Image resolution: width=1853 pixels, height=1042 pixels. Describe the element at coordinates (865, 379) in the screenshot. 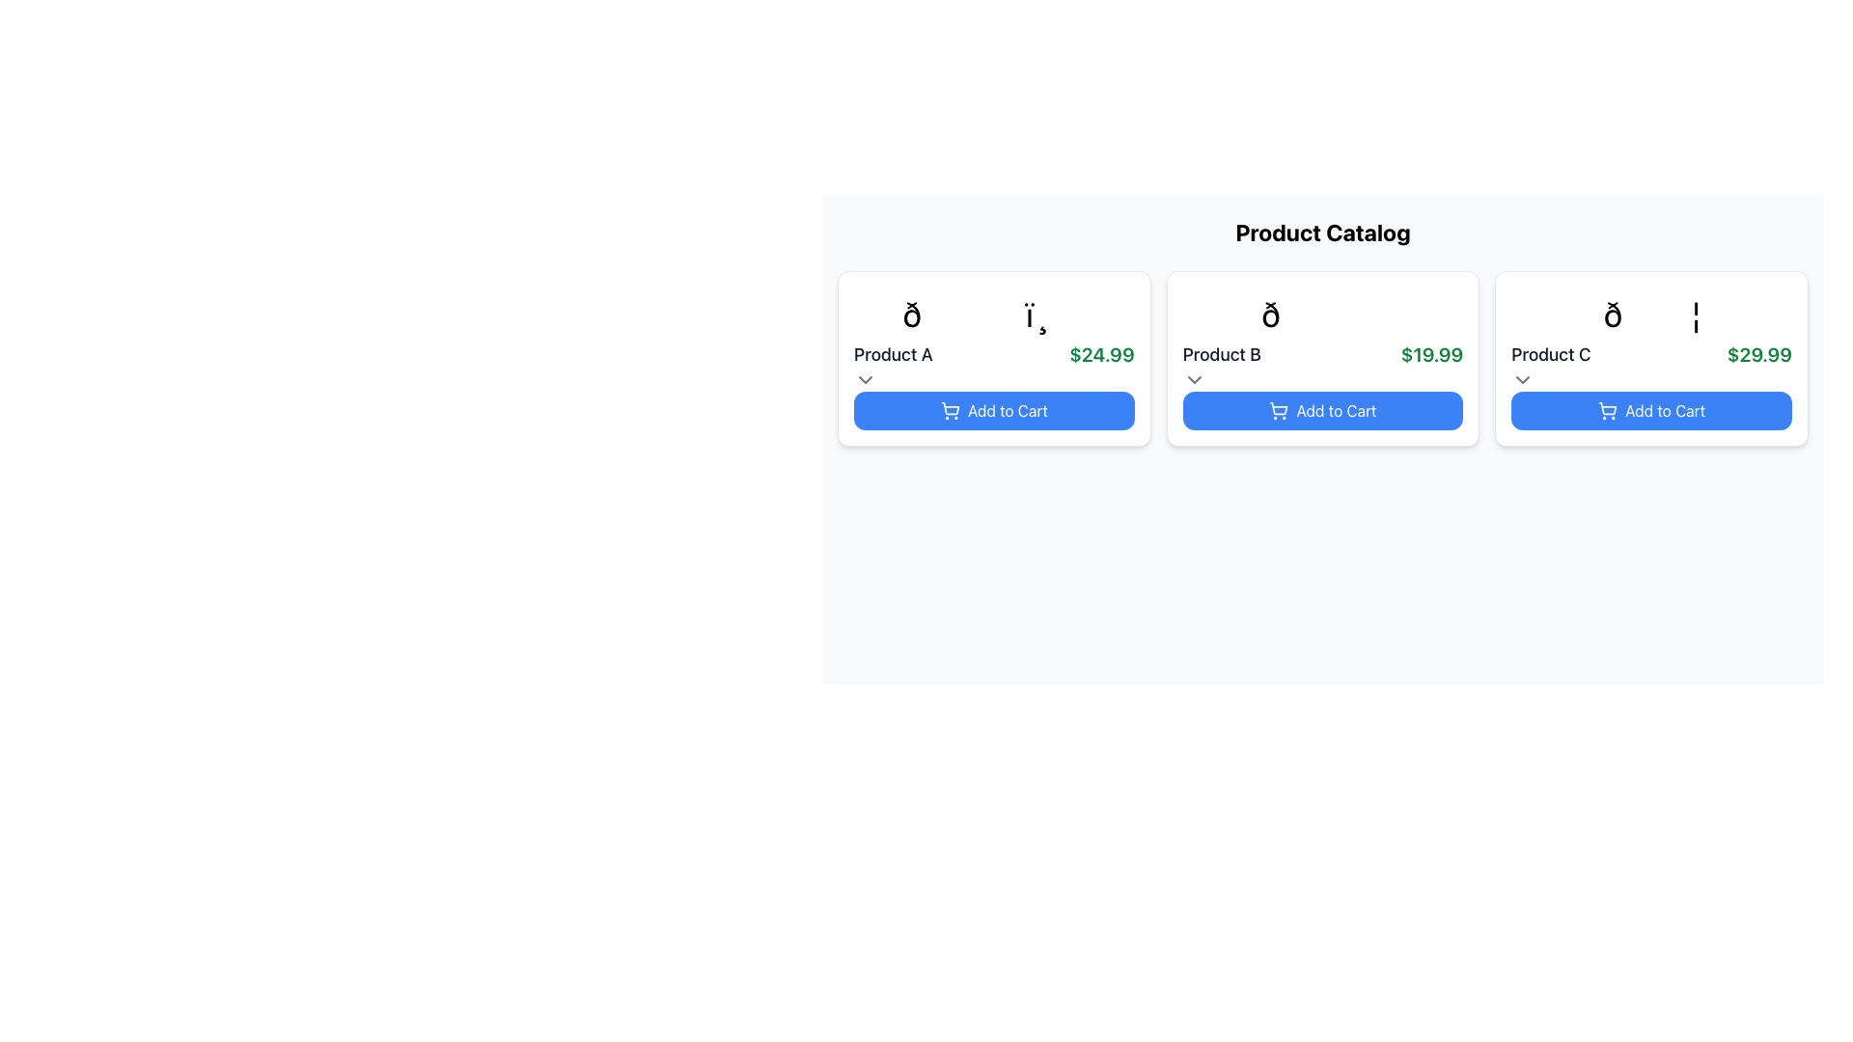

I see `the downward-facing chevron icon next to the 'Product A' label` at that location.